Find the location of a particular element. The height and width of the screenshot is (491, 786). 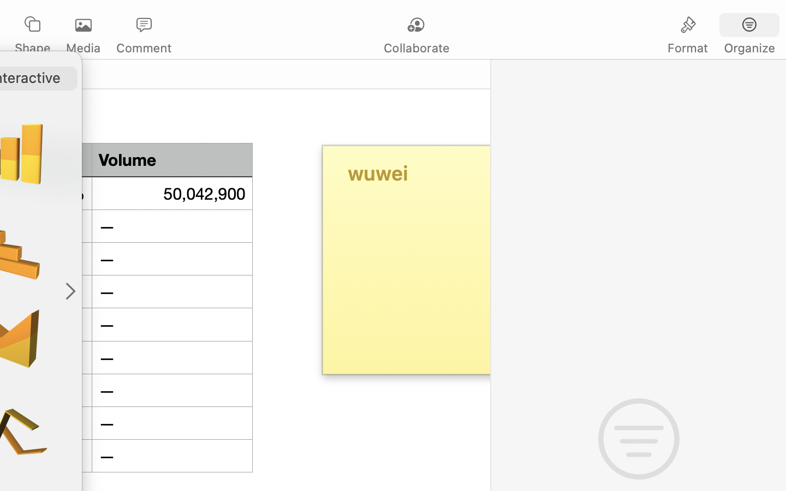

'Format' is located at coordinates (687, 47).